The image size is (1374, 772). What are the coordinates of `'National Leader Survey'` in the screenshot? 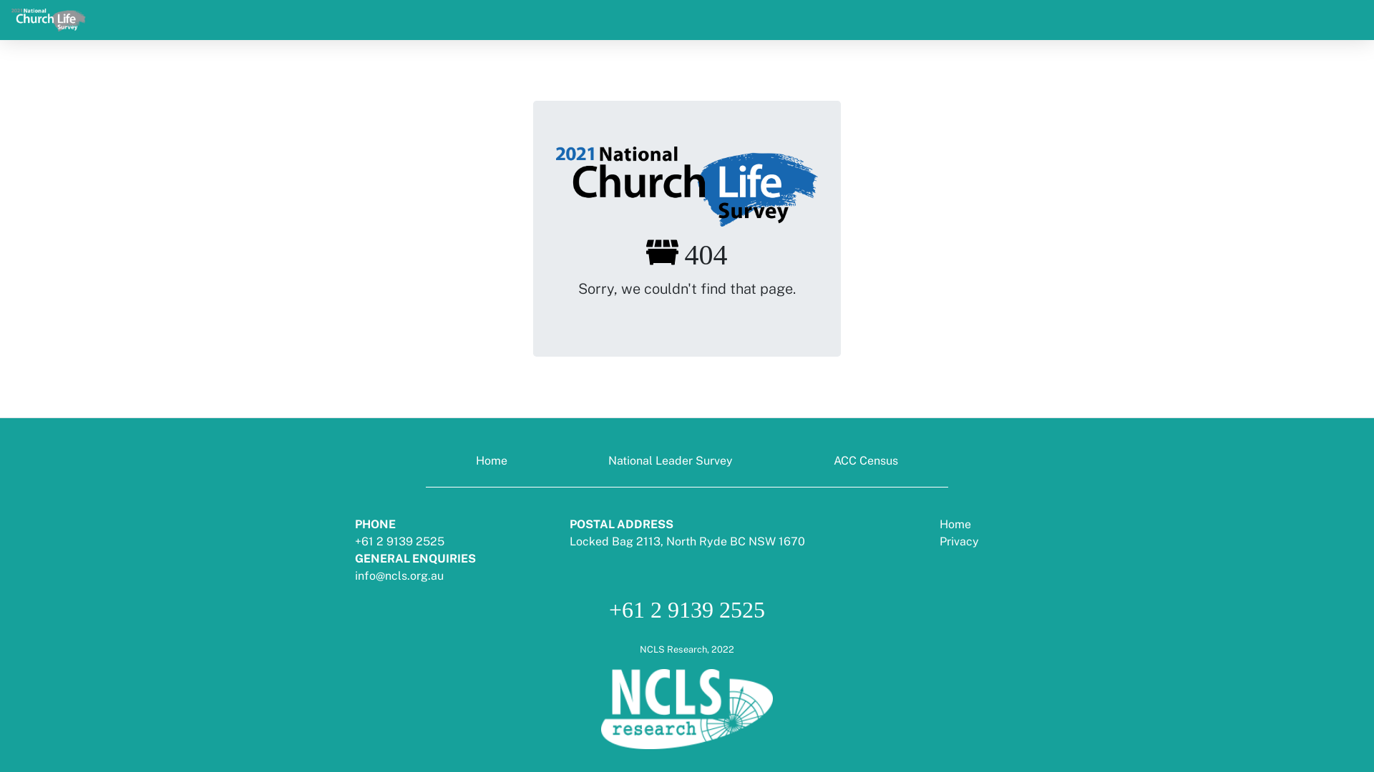 It's located at (669, 460).